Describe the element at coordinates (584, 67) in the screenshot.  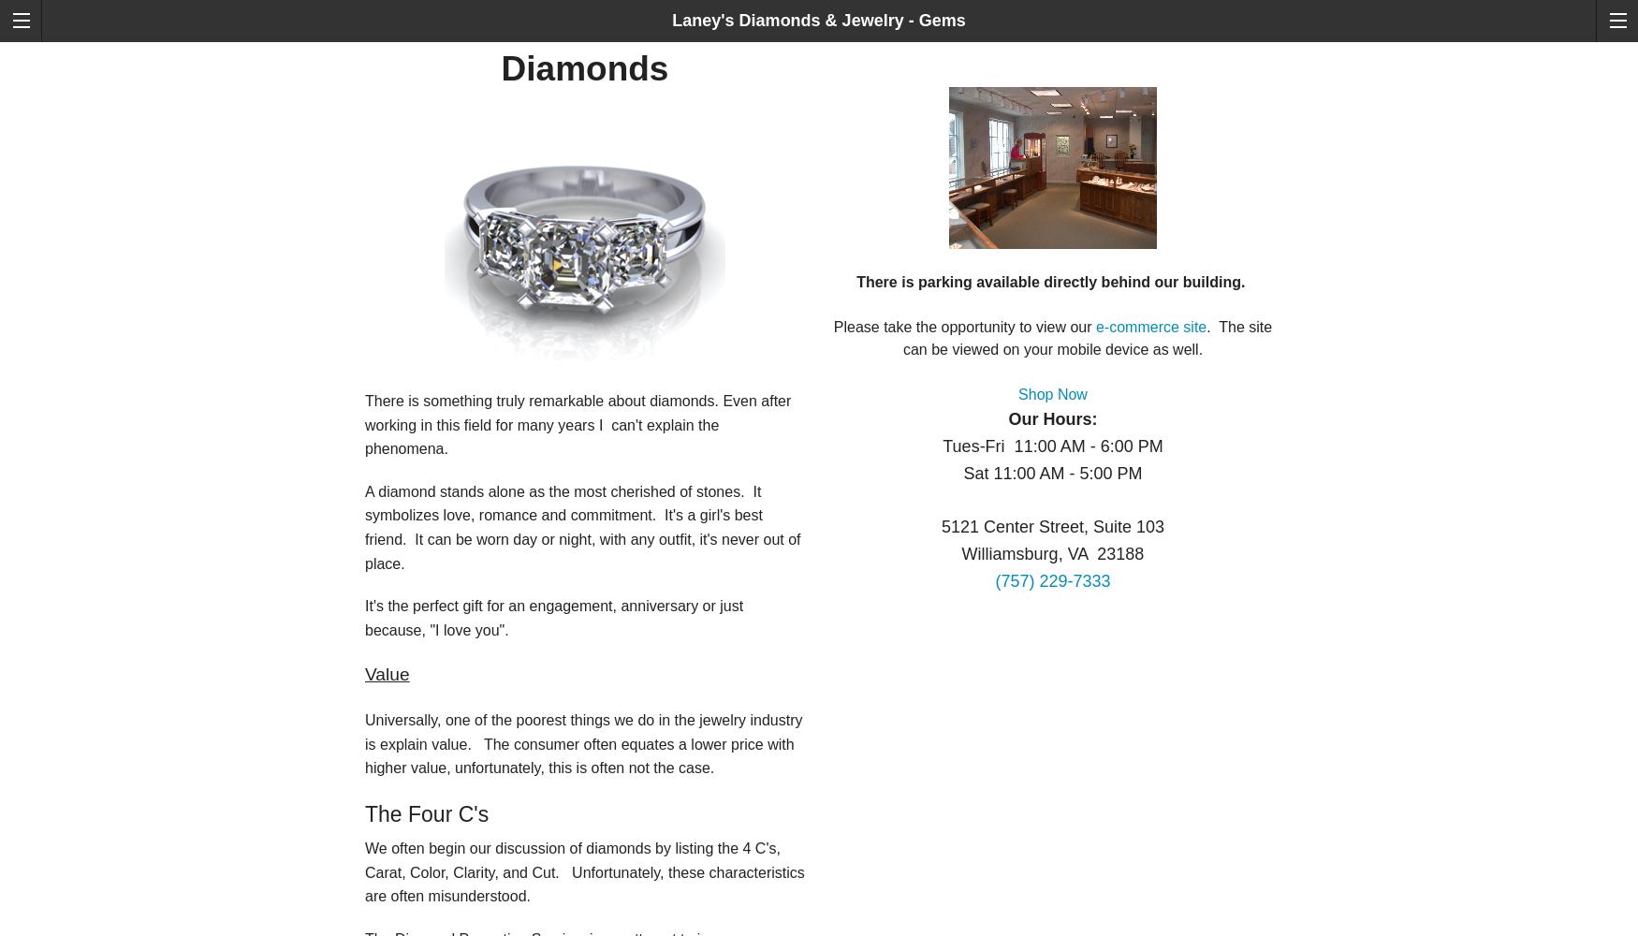
I see `'Diamonds'` at that location.